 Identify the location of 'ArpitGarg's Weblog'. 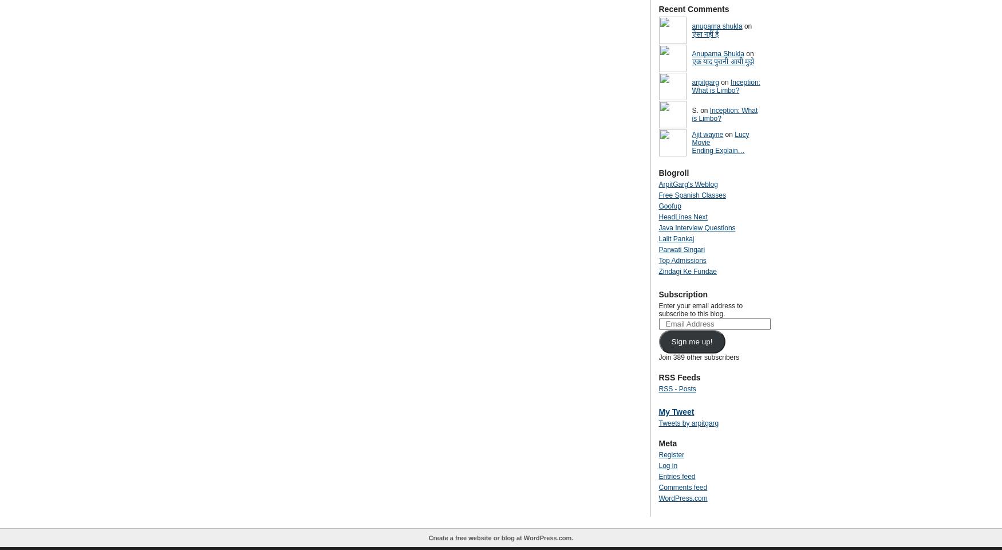
(688, 184).